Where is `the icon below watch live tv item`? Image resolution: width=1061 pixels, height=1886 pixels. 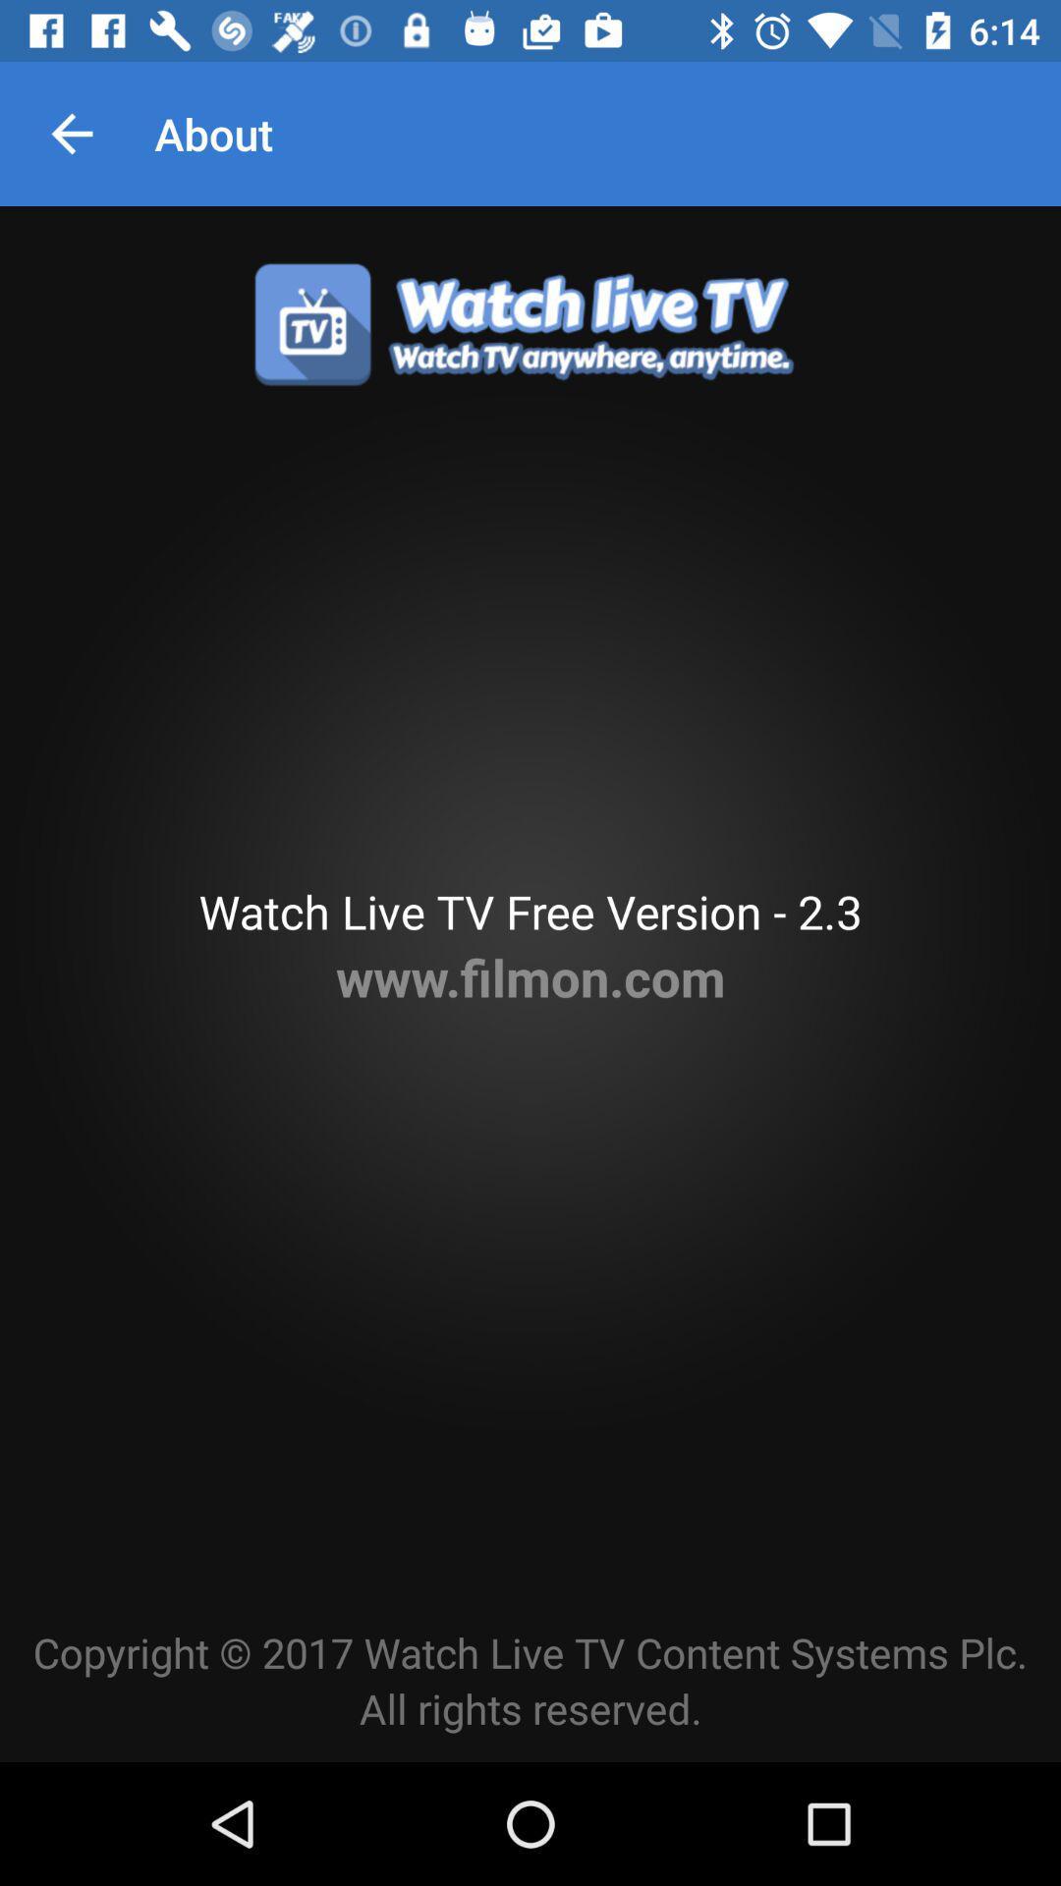 the icon below watch live tv item is located at coordinates (530, 976).